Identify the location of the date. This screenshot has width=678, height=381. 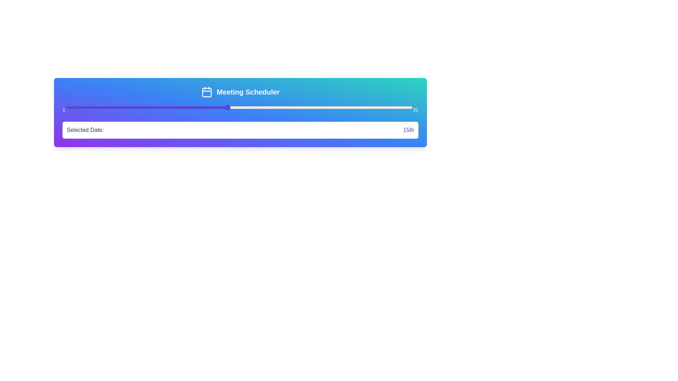
(355, 107).